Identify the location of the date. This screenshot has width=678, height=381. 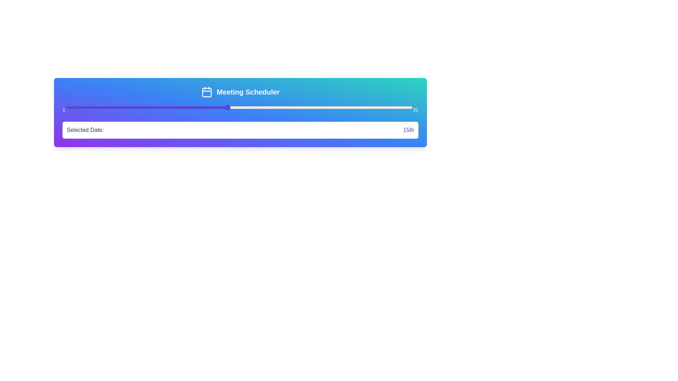
(355, 107).